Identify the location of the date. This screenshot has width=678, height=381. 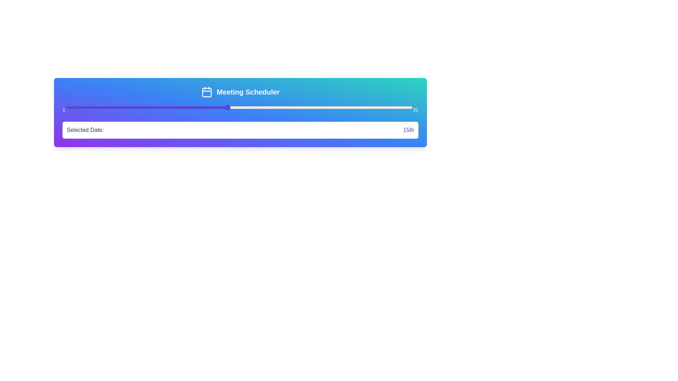
(355, 107).